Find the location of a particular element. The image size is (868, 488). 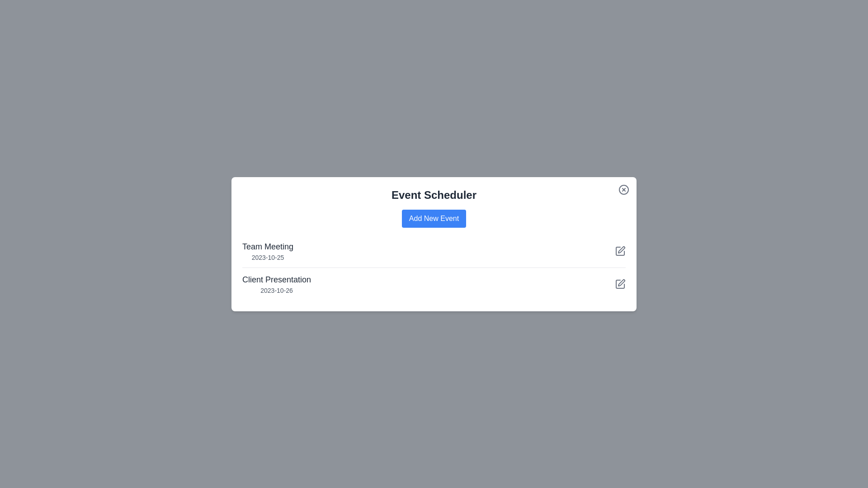

the close button located at the top-right corner of the event scheduler dialog is located at coordinates (623, 189).